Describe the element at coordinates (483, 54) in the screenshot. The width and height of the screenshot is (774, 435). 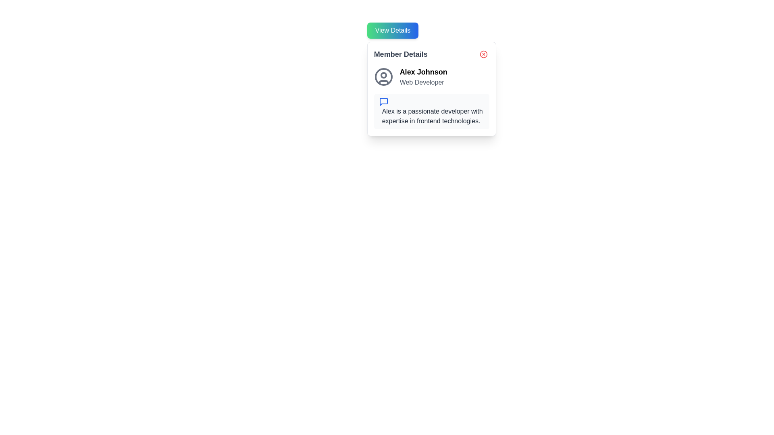
I see `the close button located at the top-right corner of the 'Member Details' section to change its background` at that location.